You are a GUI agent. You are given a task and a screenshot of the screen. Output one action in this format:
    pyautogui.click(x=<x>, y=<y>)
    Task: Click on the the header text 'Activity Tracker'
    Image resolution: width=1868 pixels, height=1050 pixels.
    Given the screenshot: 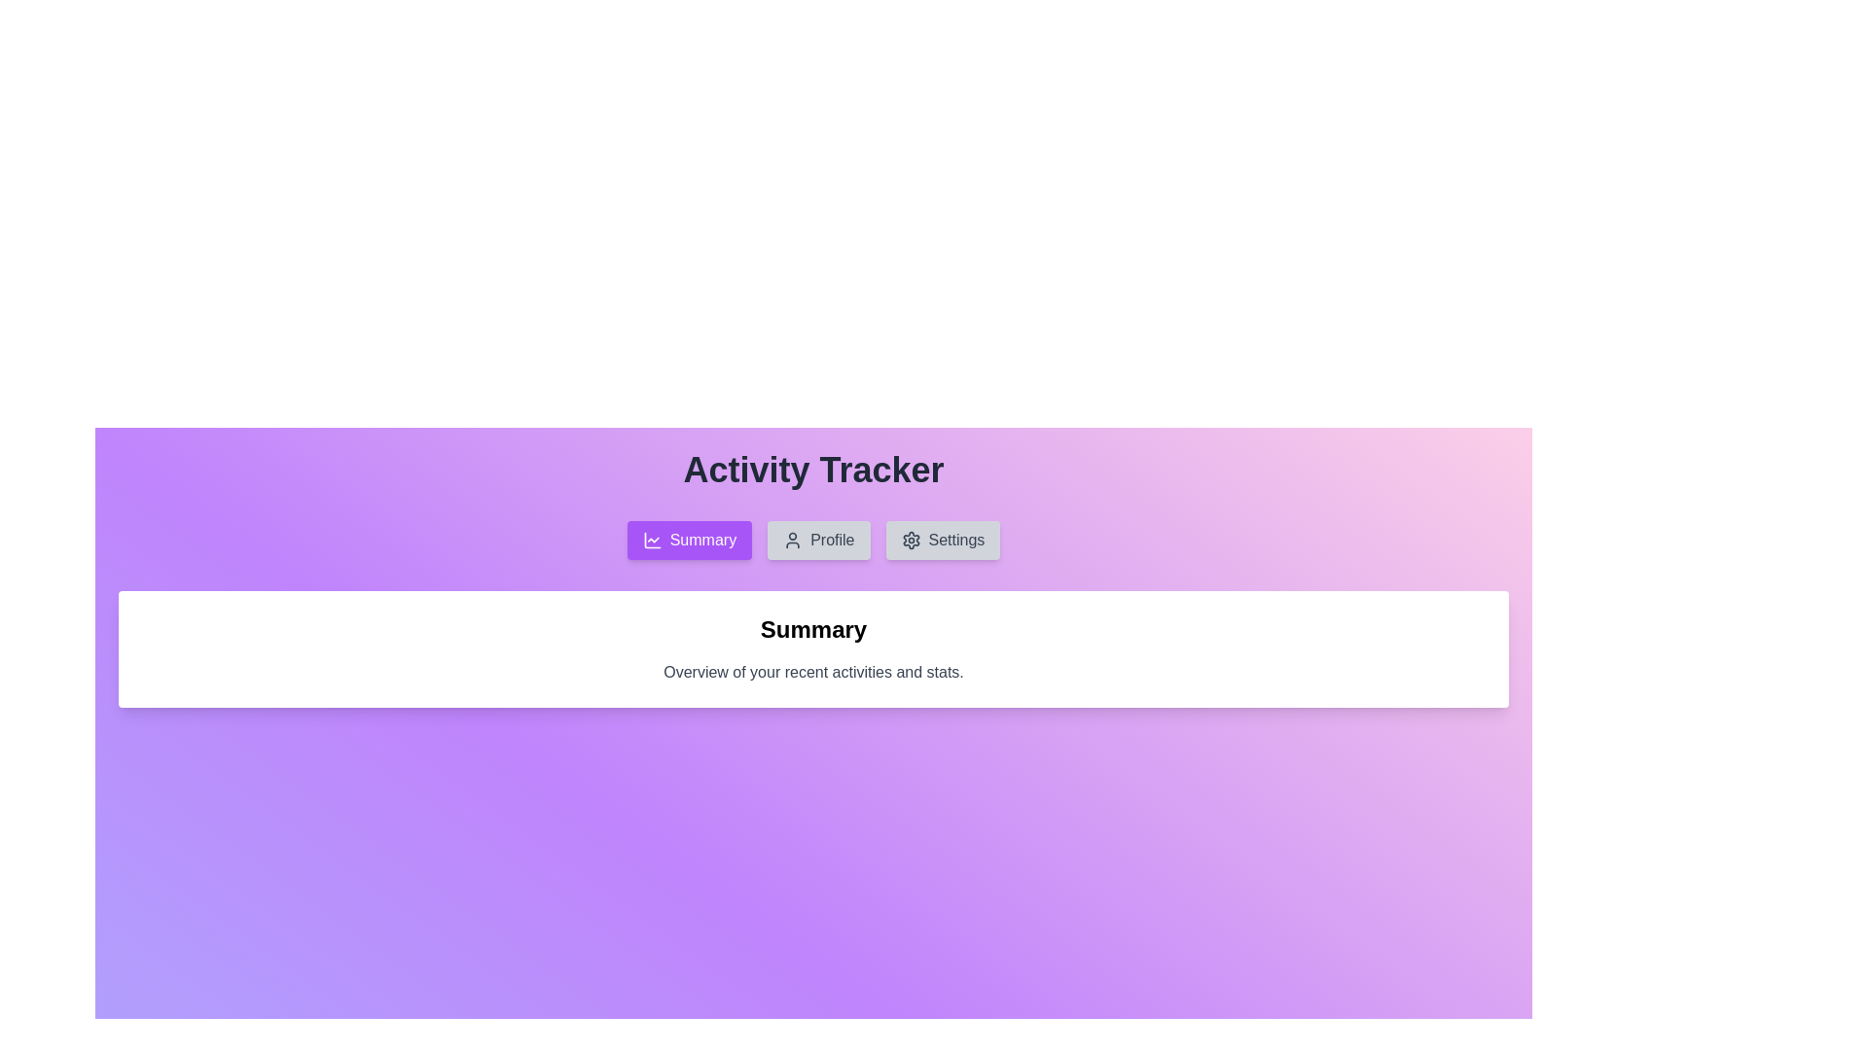 What is the action you would take?
    pyautogui.click(x=813, y=470)
    